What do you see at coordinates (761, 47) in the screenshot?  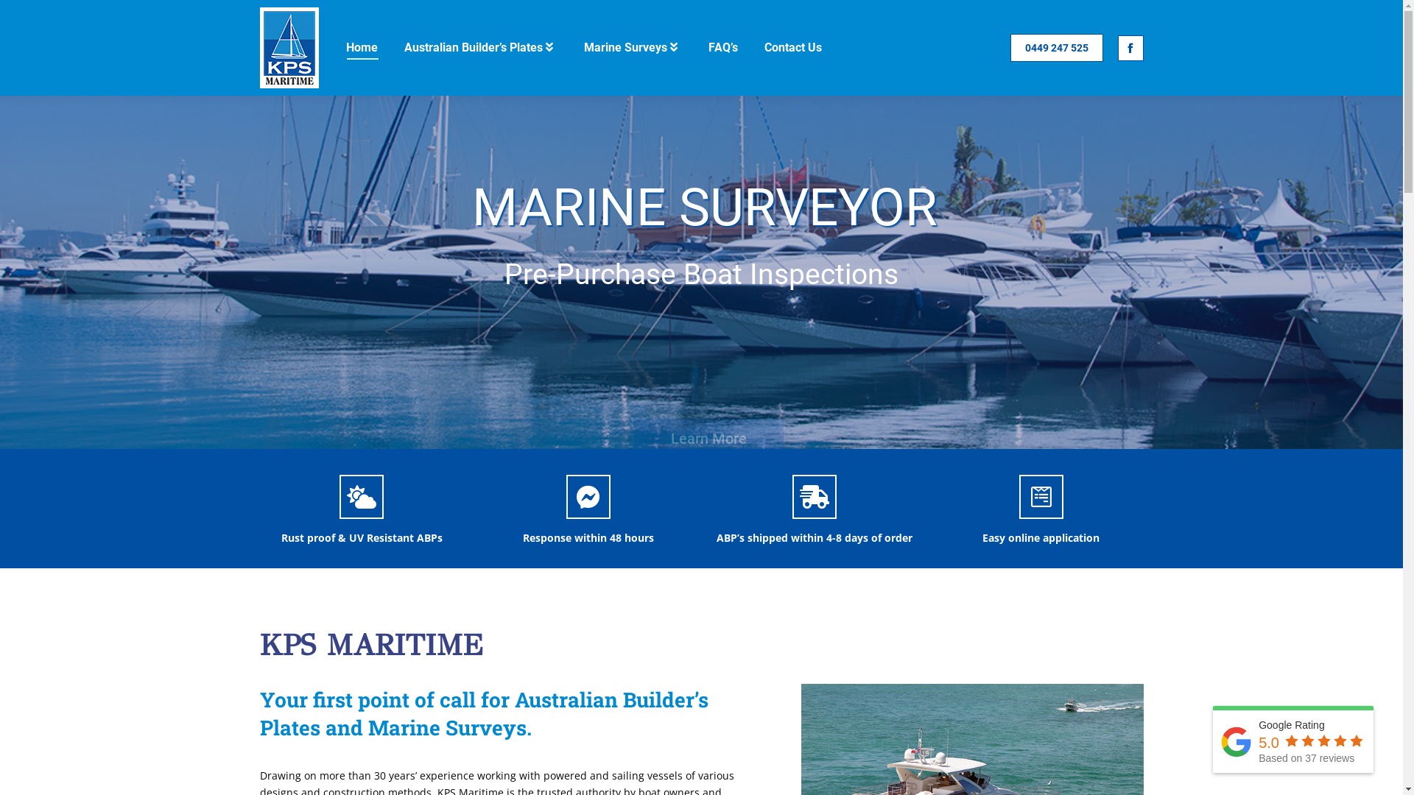 I see `'Contact Us'` at bounding box center [761, 47].